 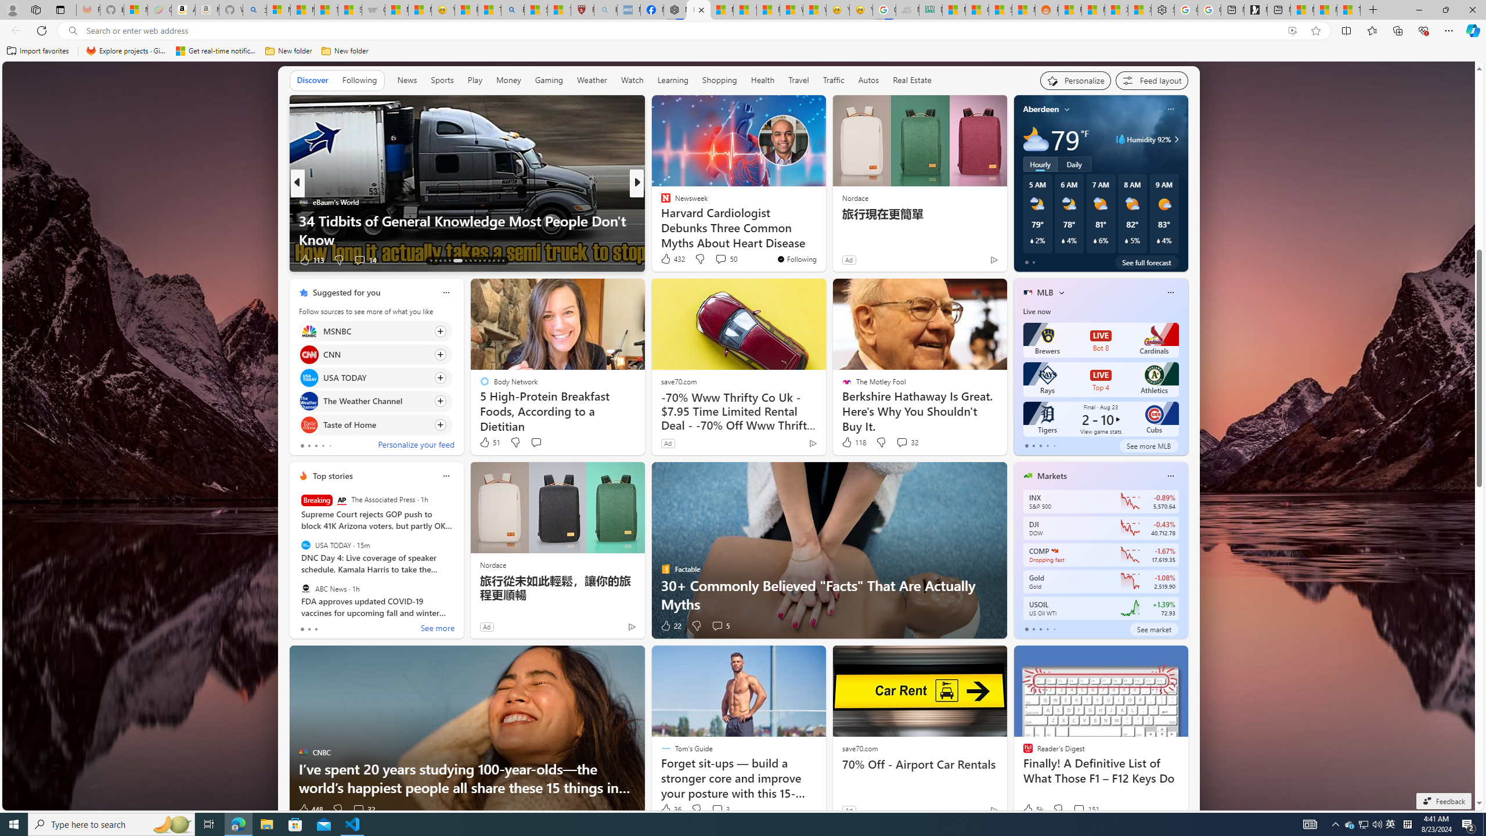 What do you see at coordinates (833, 80) in the screenshot?
I see `'Traffic'` at bounding box center [833, 80].